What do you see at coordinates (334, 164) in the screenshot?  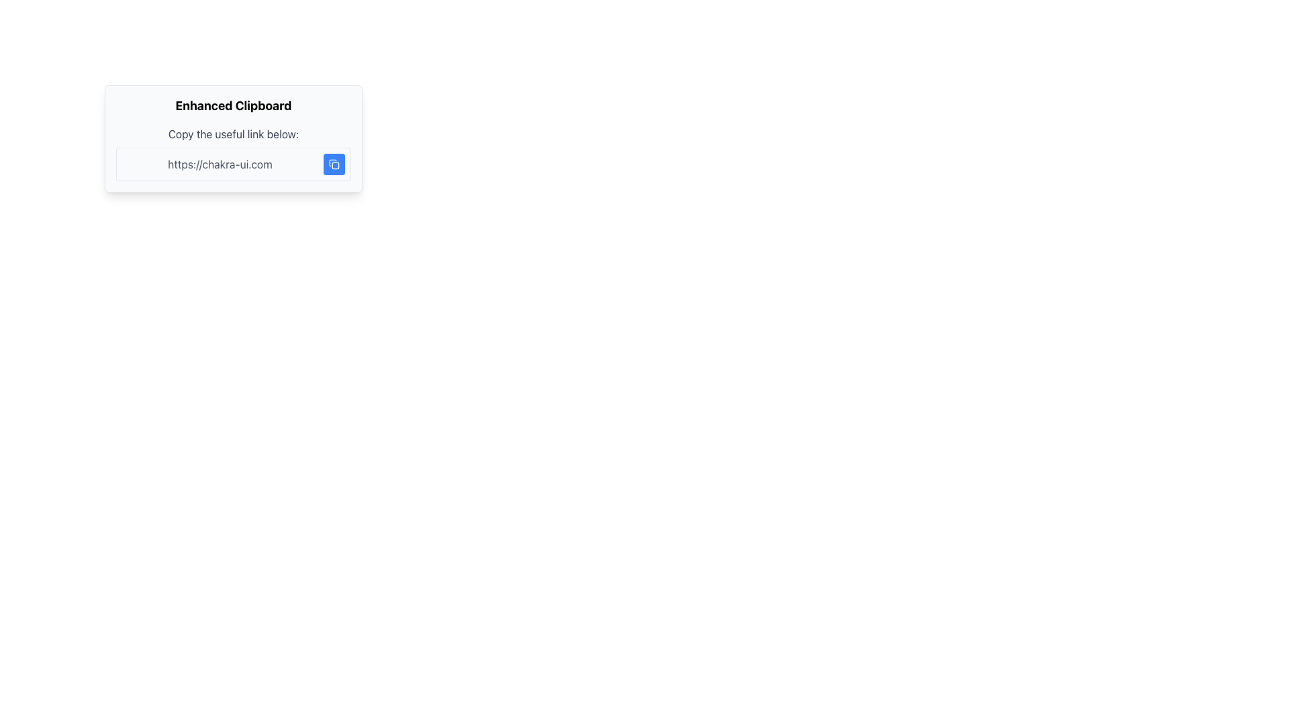 I see `the button located on the center-right section of the interface, adjacent to the text field displaying the link 'https://chakra-ui.com', to observe its hover effects` at bounding box center [334, 164].